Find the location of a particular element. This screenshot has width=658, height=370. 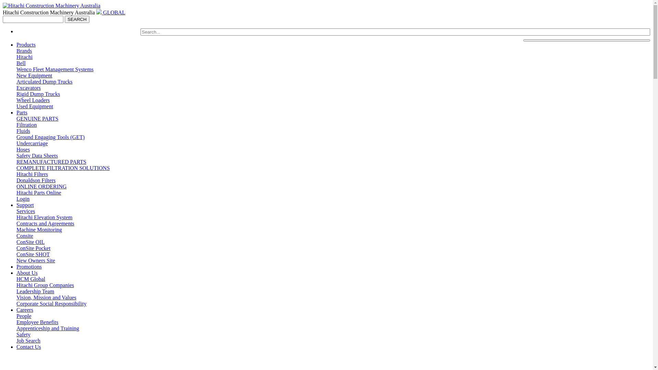

'ConSite OIL' is located at coordinates (30, 242).